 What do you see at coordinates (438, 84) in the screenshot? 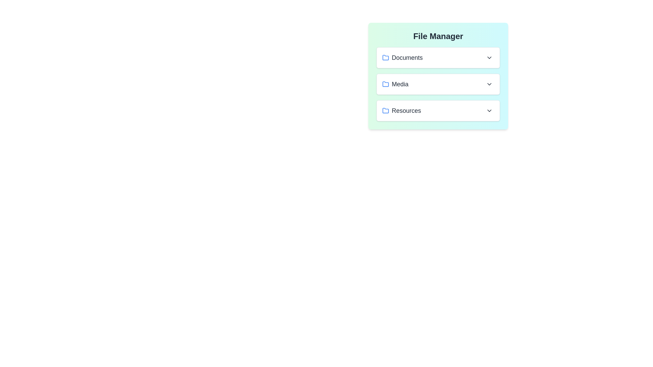
I see `the file EBook.epub from the folder Media` at bounding box center [438, 84].